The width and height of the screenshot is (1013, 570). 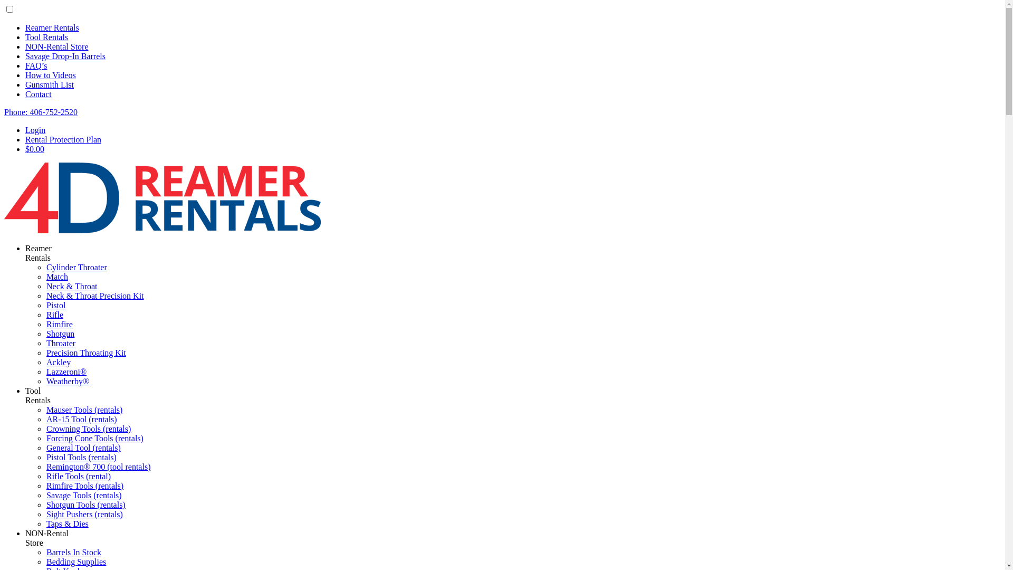 I want to click on 'Phone: 406-752-2520', so click(x=41, y=112).